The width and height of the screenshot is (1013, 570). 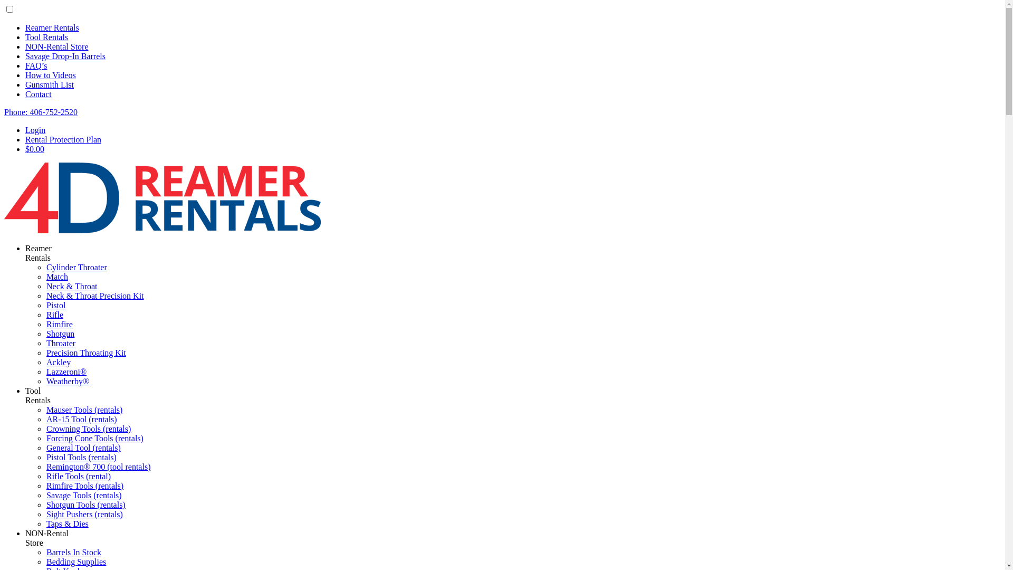 I want to click on 'Phone: 406-752-2520', so click(x=41, y=112).